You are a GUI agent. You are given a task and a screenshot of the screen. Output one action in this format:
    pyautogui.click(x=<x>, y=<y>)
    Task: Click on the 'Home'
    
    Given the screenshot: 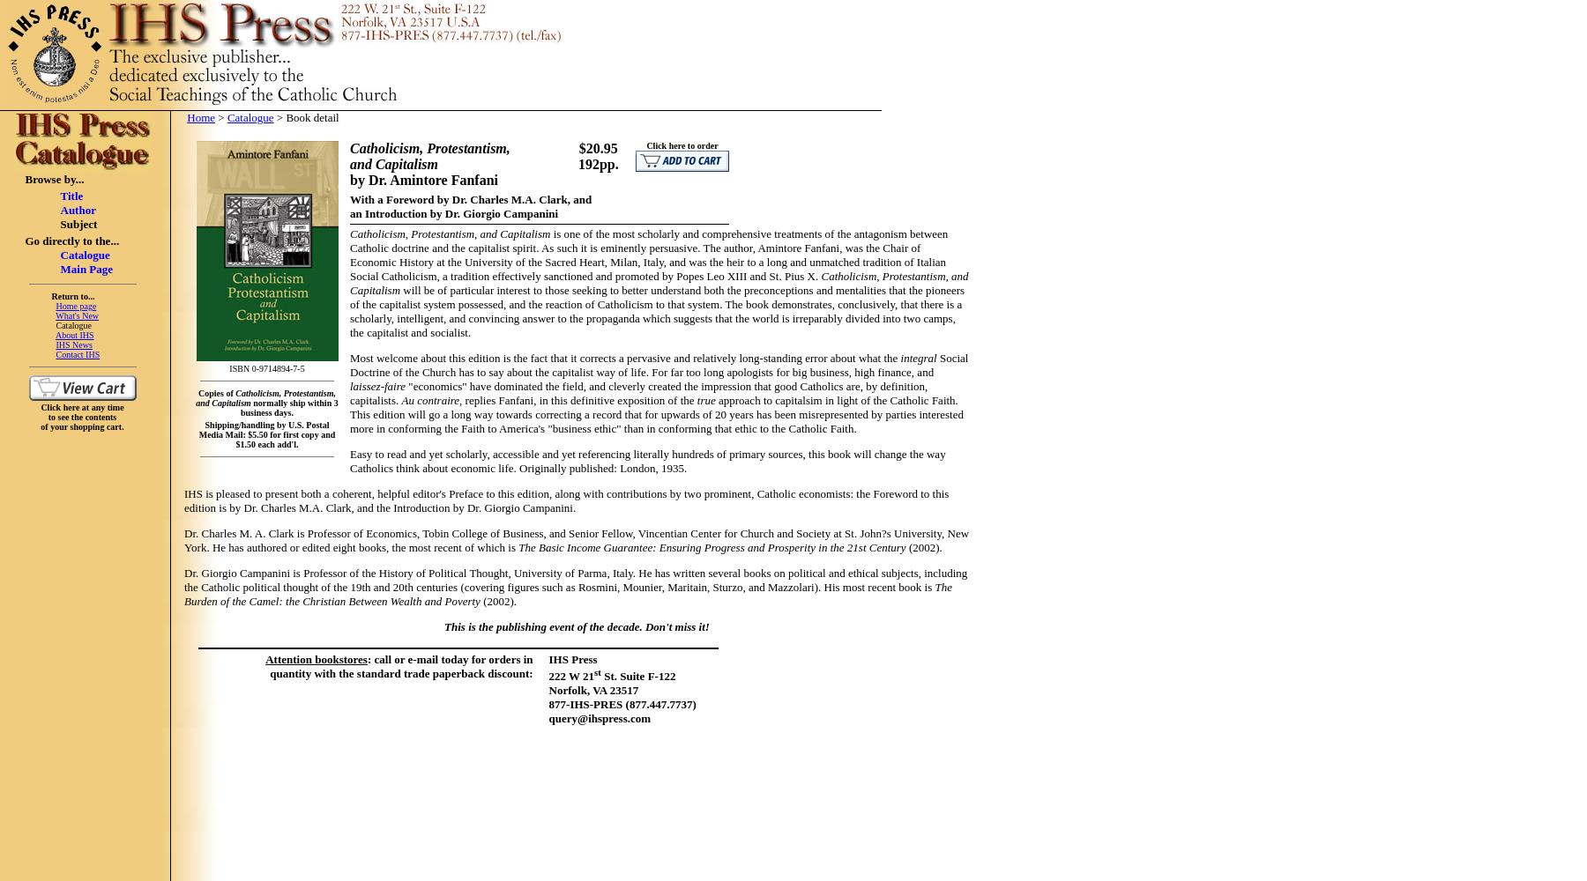 What is the action you would take?
    pyautogui.click(x=200, y=117)
    